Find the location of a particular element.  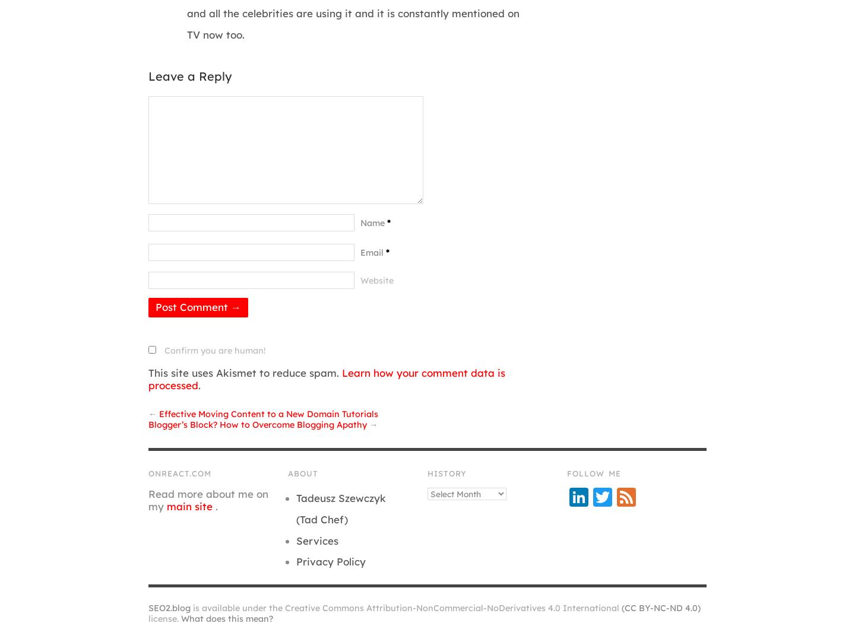

'Read more about me on my' is located at coordinates (147, 499).